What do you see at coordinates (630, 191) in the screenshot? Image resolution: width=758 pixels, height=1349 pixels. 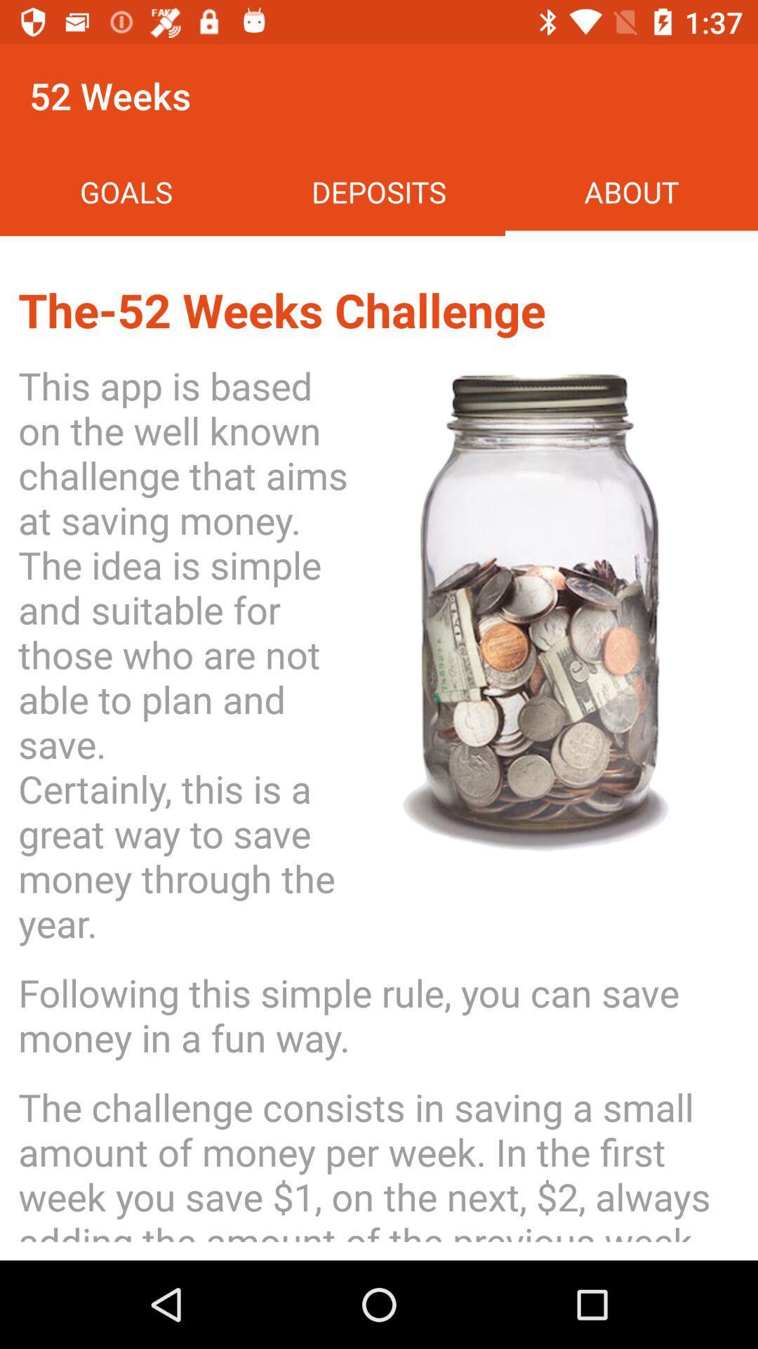 I see `the icon above the the 52 weeks icon` at bounding box center [630, 191].